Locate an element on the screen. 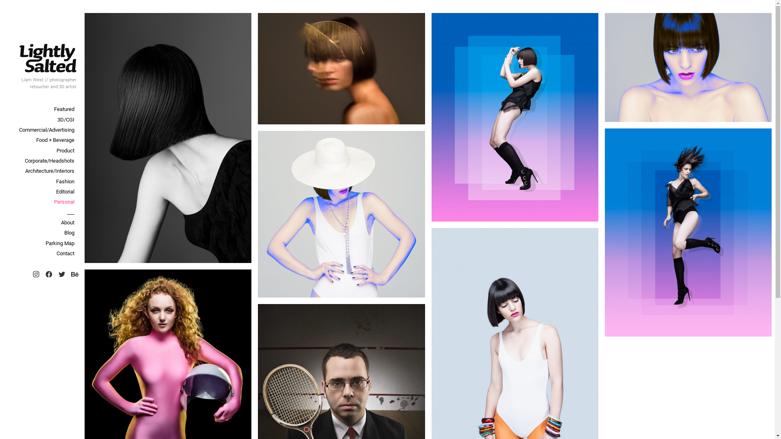  'Parking Map' is located at coordinates (40, 243).